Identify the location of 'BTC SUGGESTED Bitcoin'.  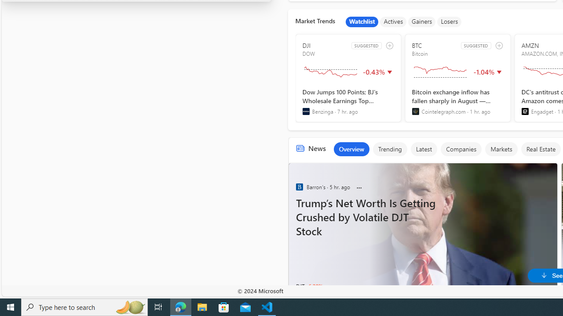
(457, 78).